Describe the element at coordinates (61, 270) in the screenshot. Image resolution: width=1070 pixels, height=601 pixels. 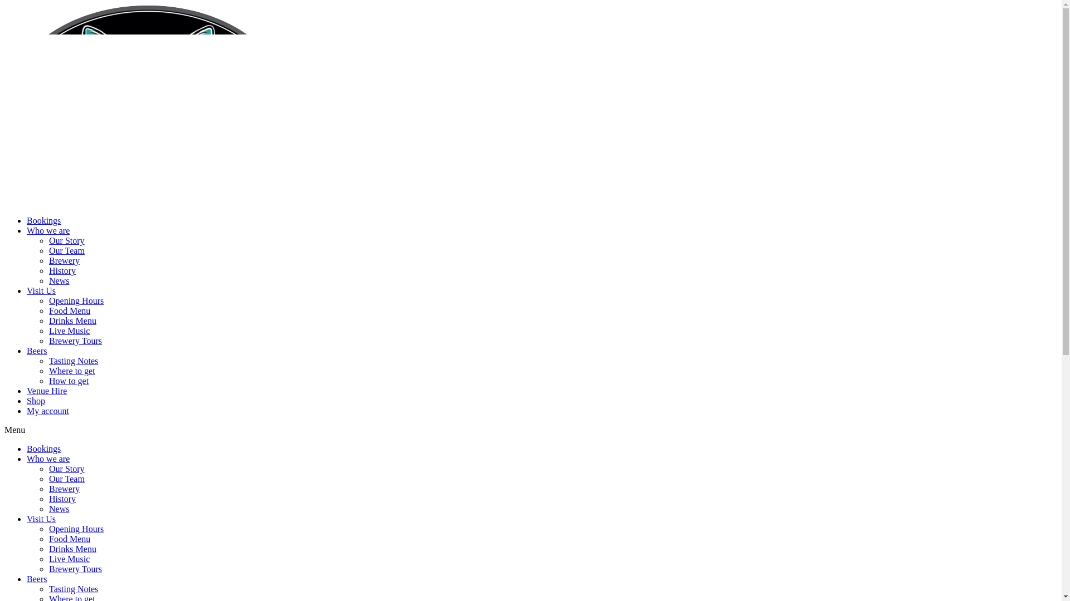
I see `'History'` at that location.